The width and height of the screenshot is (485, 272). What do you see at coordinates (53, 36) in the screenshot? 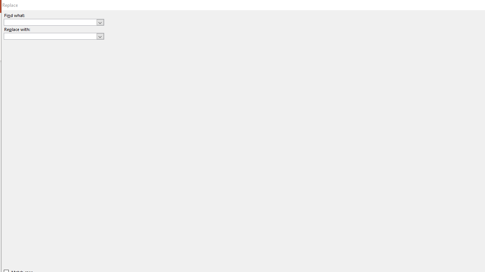
I see `'Replace with'` at bounding box center [53, 36].